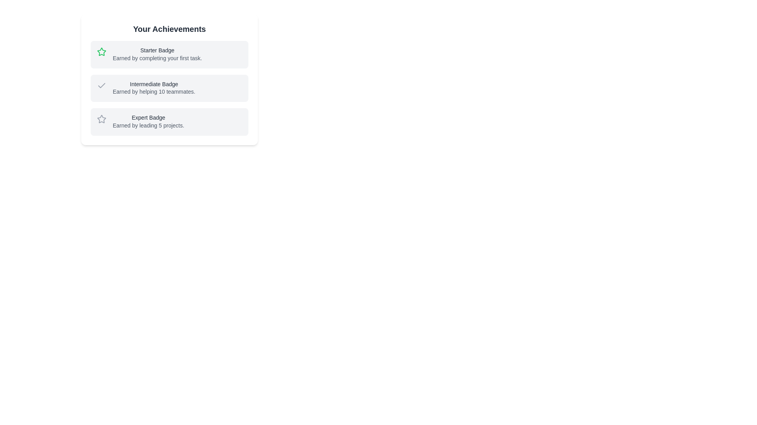  Describe the element at coordinates (157, 50) in the screenshot. I see `text label 'Starter Badge' located in the 'Your Achievements' section above the text 'Earned by completing your first task.'` at that location.